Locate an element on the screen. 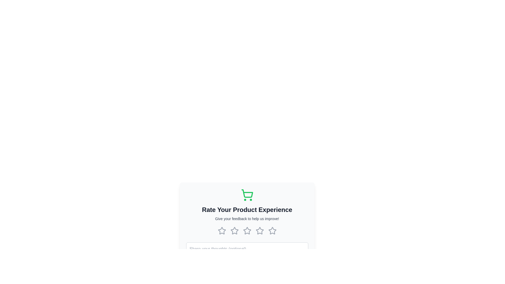  the fourth star-shaped icon in the row of rating options, located below the heading 'Rate Your Product Experience', to change its color to yellow is located at coordinates (260, 231).